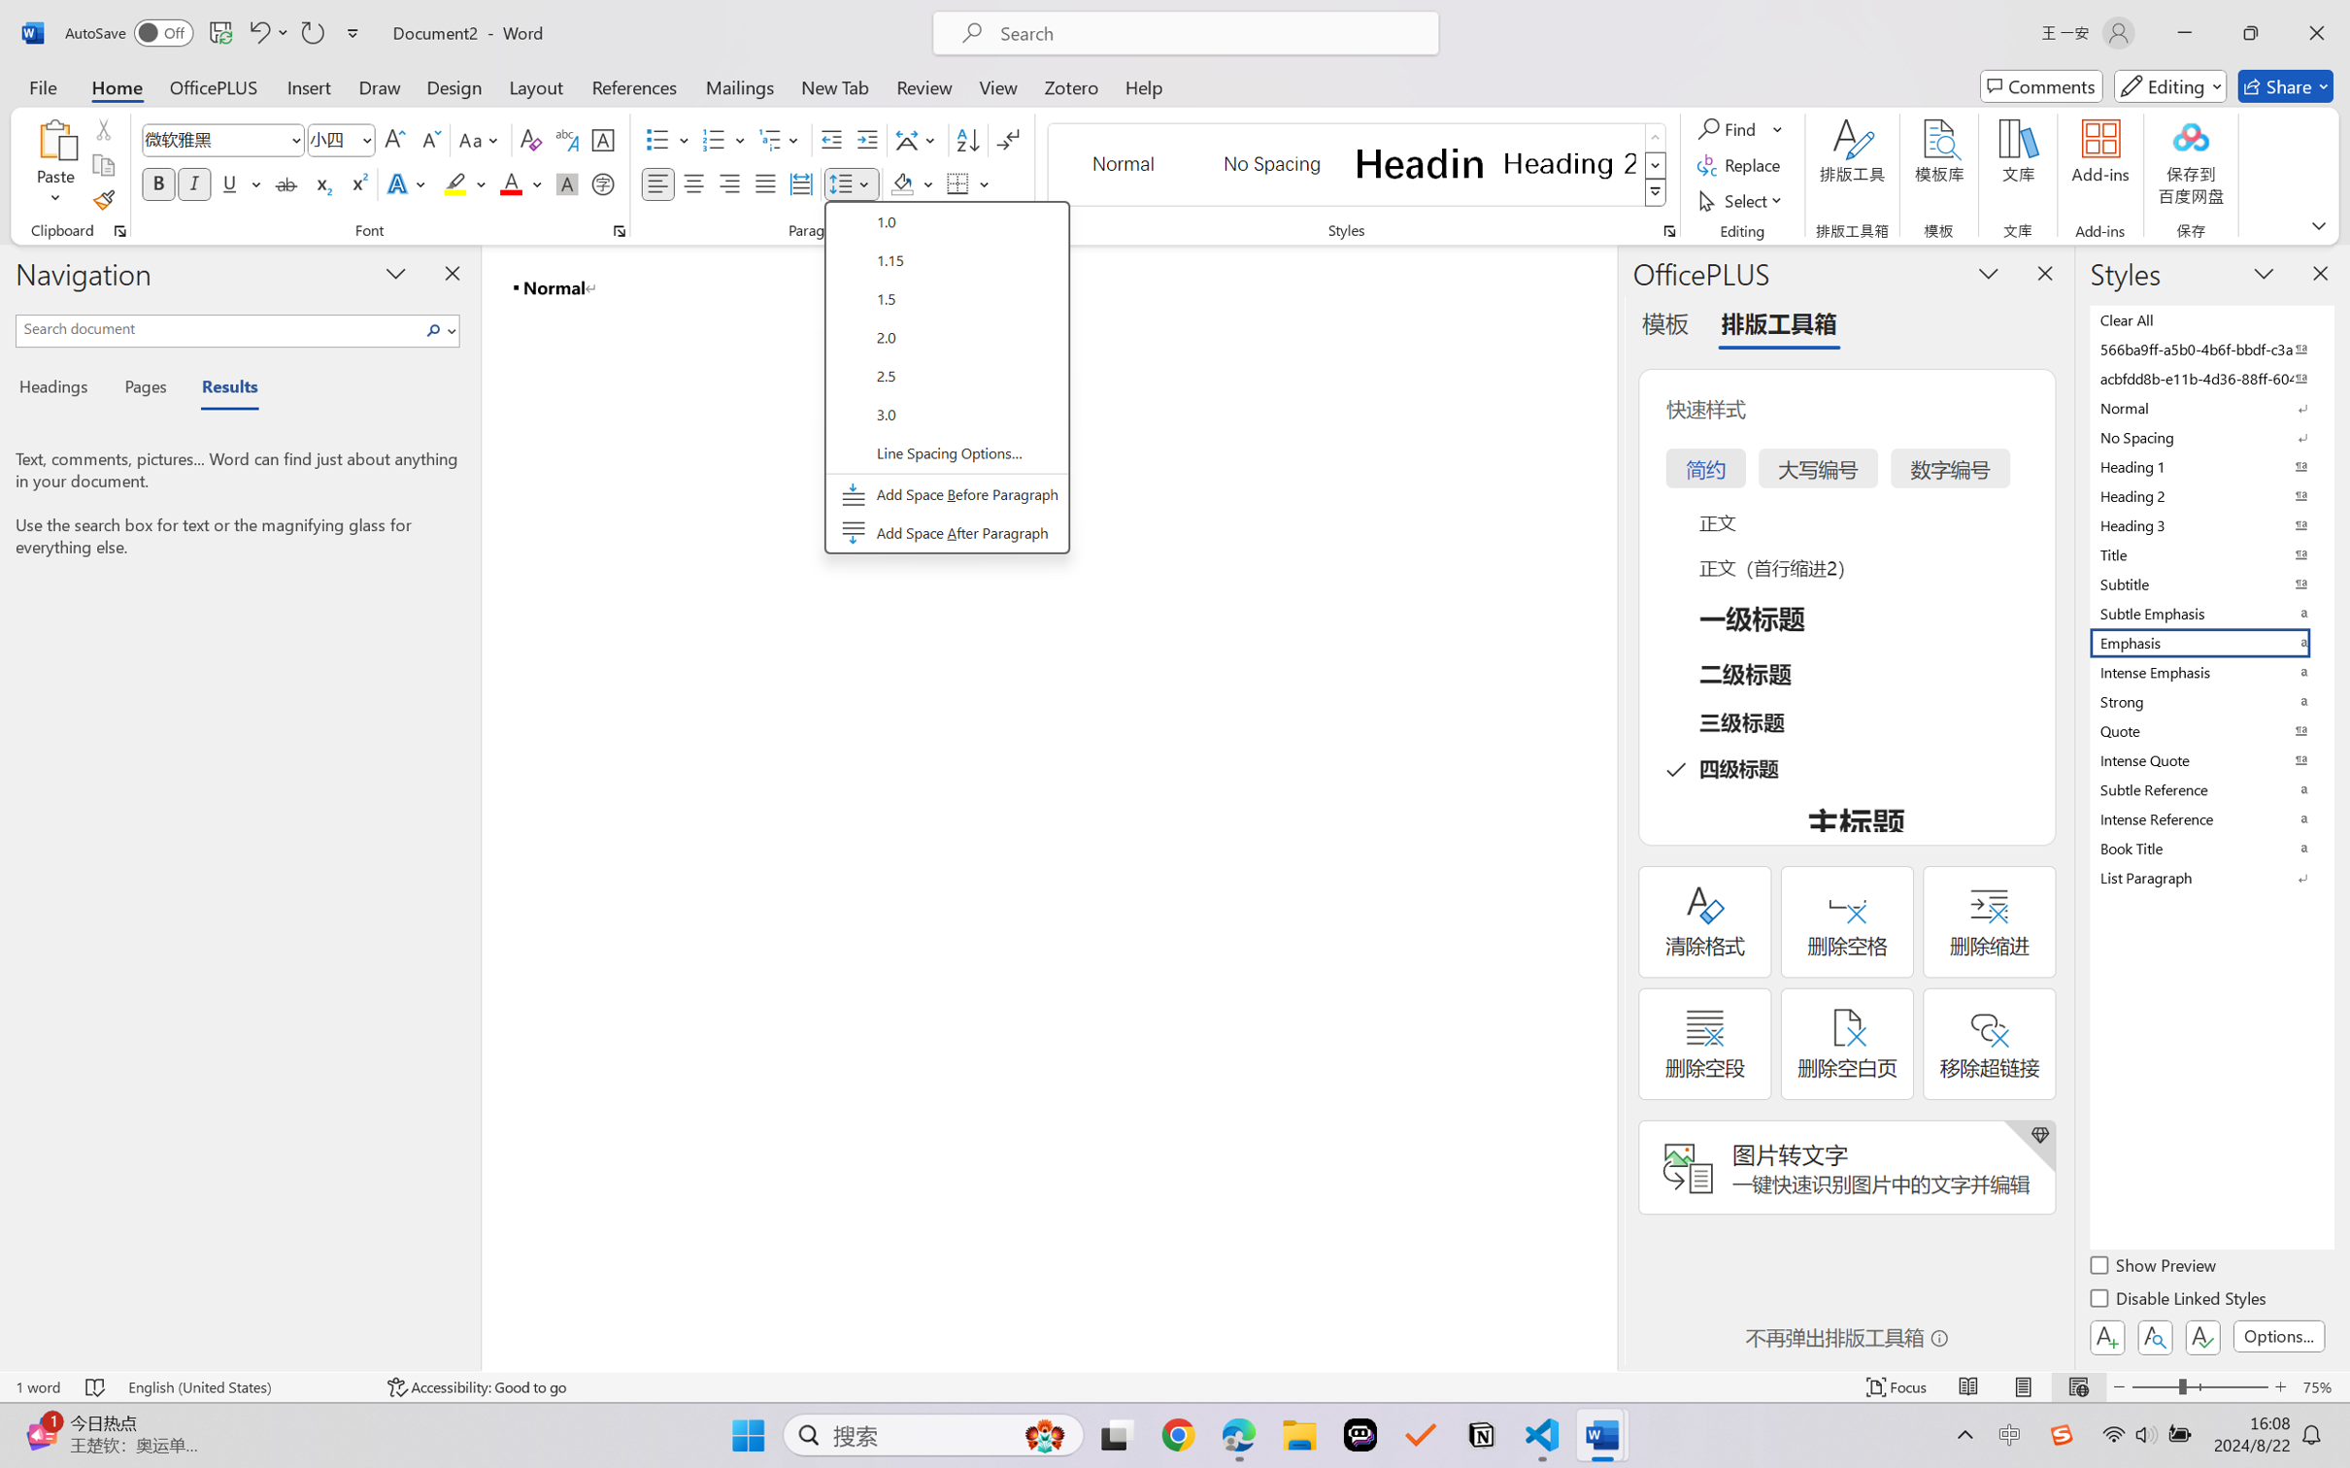 The height and width of the screenshot is (1468, 2350). I want to click on 'Spelling and Grammar Check No Errors', so click(94, 1386).